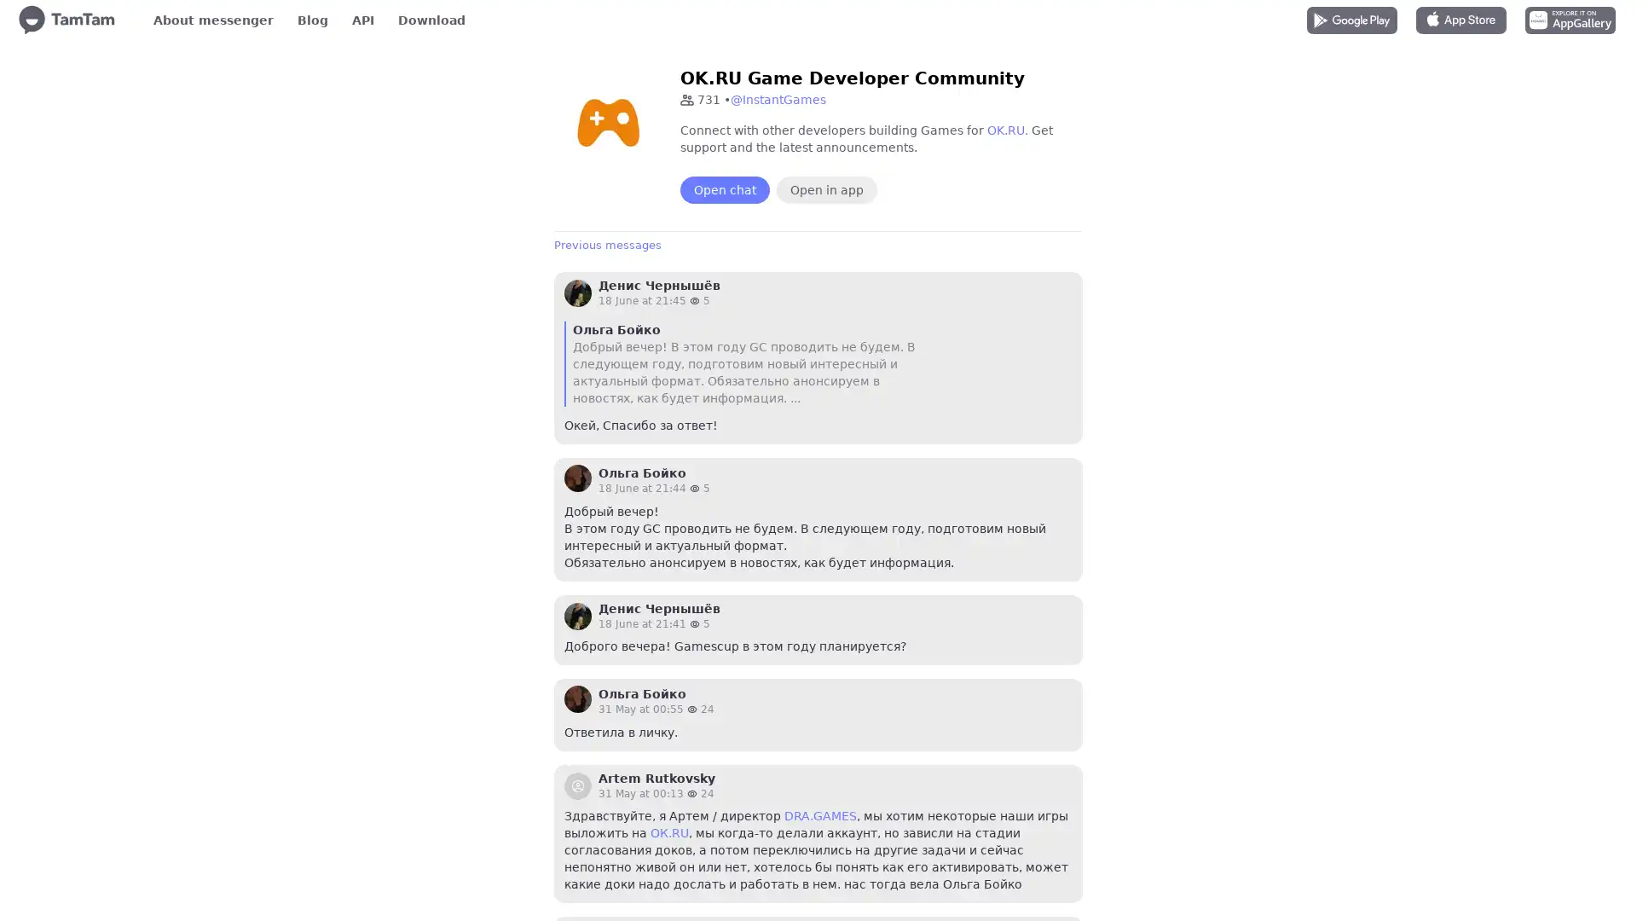 This screenshot has height=921, width=1637. Describe the element at coordinates (725, 190) in the screenshot. I see `Open chat` at that location.